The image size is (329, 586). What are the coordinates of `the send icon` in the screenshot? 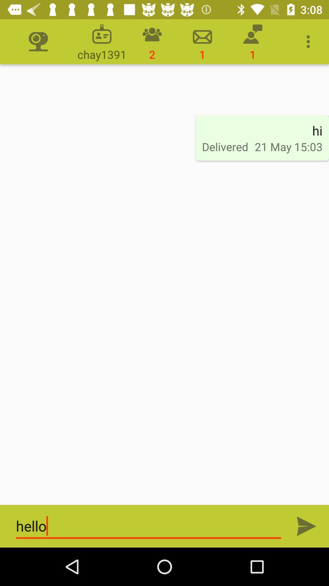 It's located at (306, 526).